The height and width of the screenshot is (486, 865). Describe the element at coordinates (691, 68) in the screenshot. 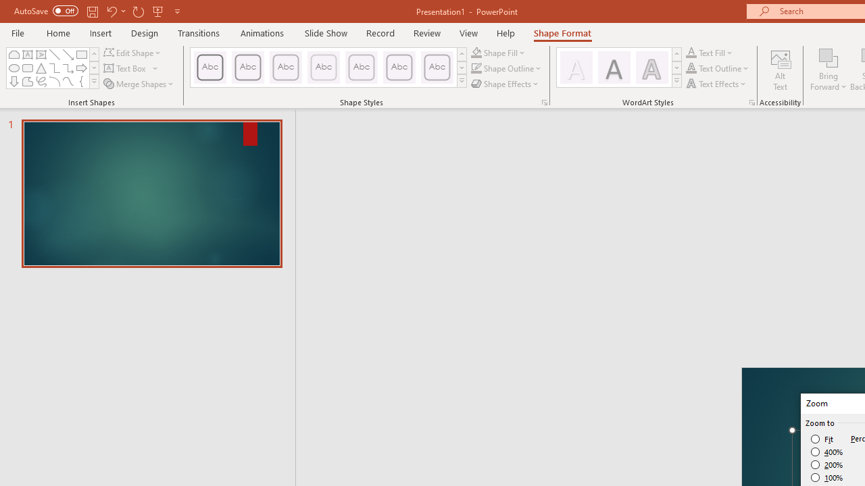

I see `'Text Outline RGB(0, 0, 0)'` at that location.